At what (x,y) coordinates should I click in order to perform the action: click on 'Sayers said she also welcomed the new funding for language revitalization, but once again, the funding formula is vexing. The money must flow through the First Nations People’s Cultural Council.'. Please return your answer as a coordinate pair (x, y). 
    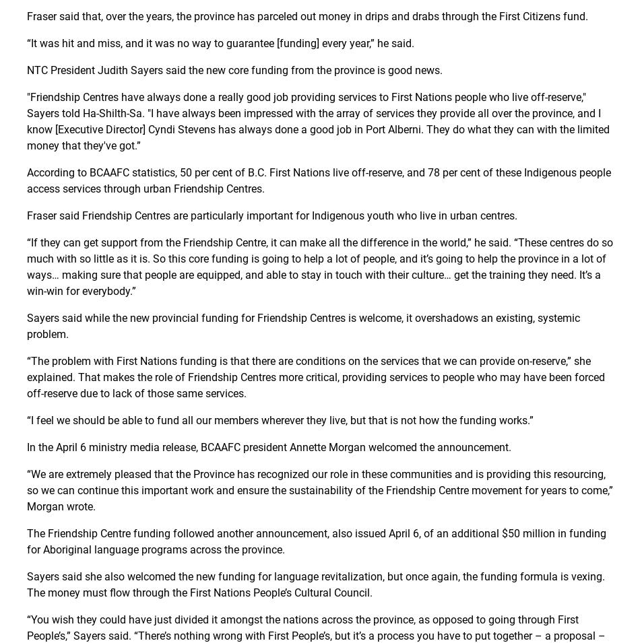
    Looking at the image, I should click on (26, 584).